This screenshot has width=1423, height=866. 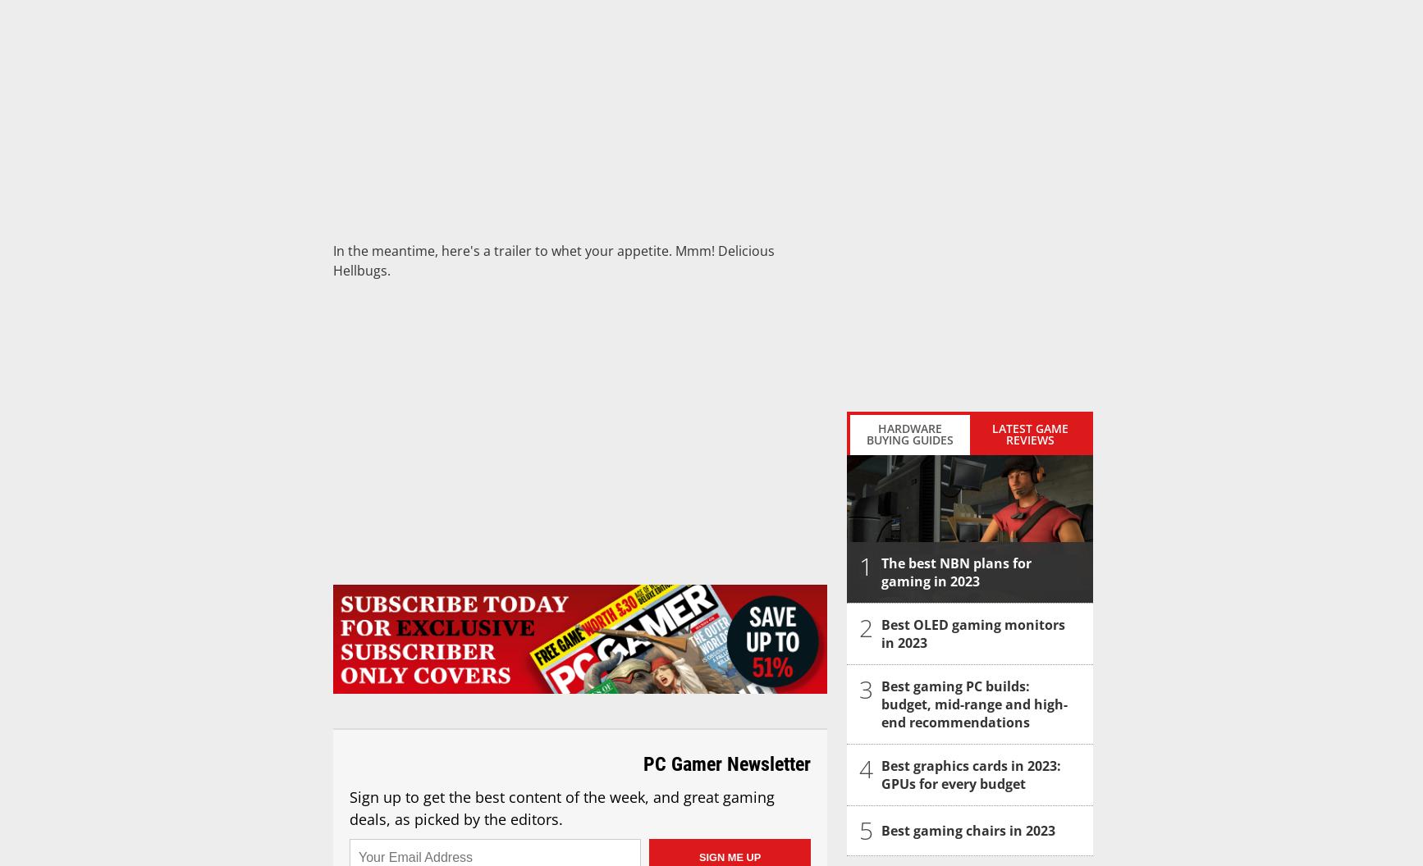 What do you see at coordinates (866, 829) in the screenshot?
I see `'5'` at bounding box center [866, 829].